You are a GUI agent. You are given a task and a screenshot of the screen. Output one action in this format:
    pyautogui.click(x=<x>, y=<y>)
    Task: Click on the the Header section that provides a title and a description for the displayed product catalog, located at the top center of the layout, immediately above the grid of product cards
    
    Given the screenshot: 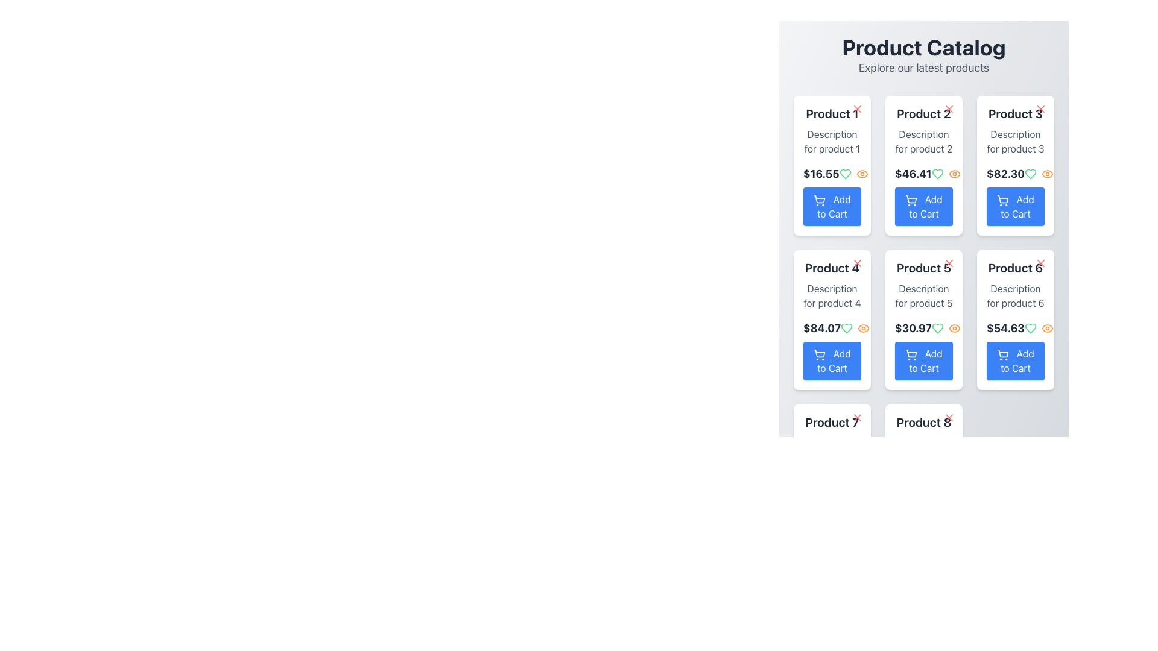 What is the action you would take?
    pyautogui.click(x=923, y=55)
    